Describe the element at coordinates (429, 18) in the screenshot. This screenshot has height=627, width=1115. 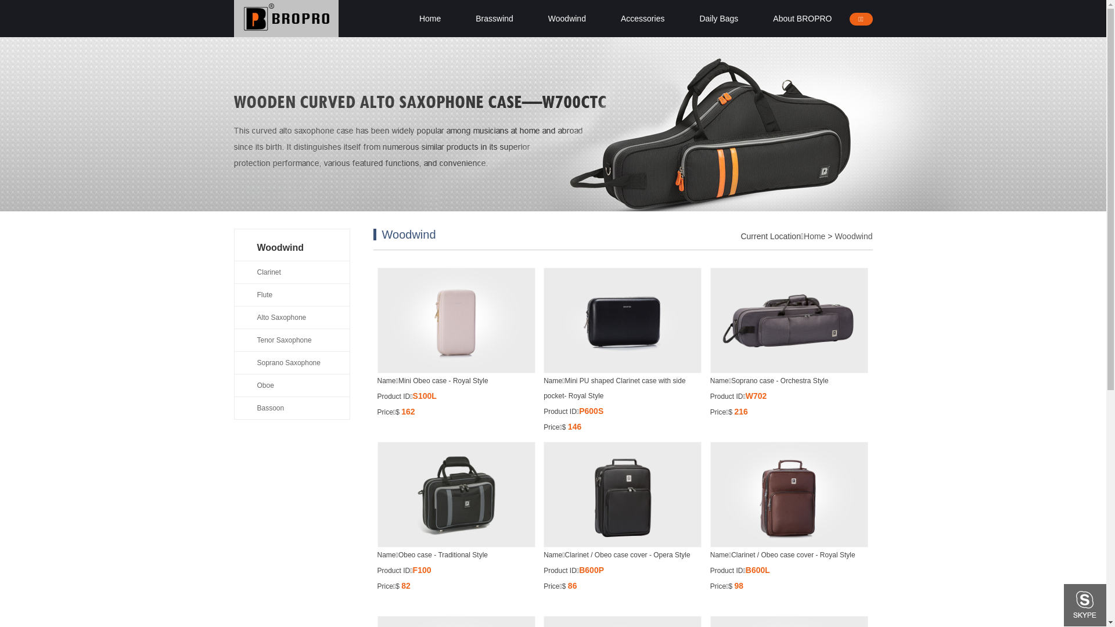
I see `'Home'` at that location.